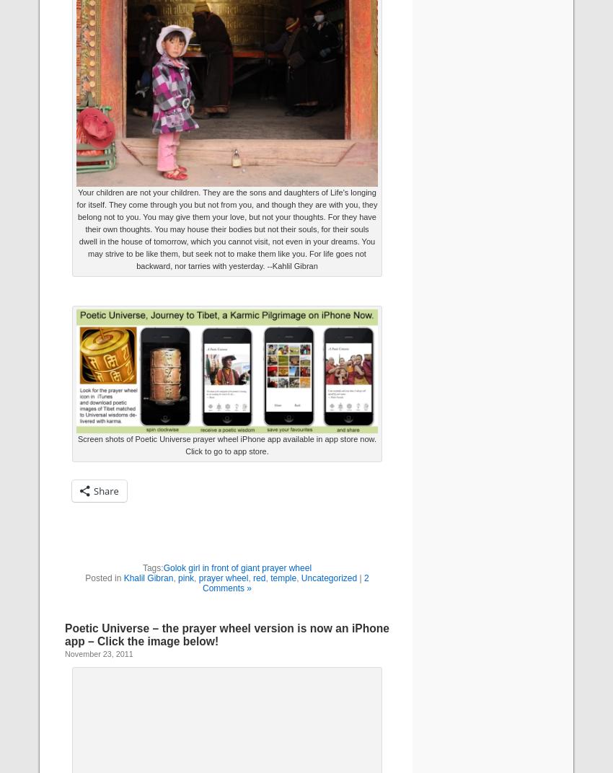  Describe the element at coordinates (163, 567) in the screenshot. I see `'Golok girl in front of giant prayer wheel'` at that location.